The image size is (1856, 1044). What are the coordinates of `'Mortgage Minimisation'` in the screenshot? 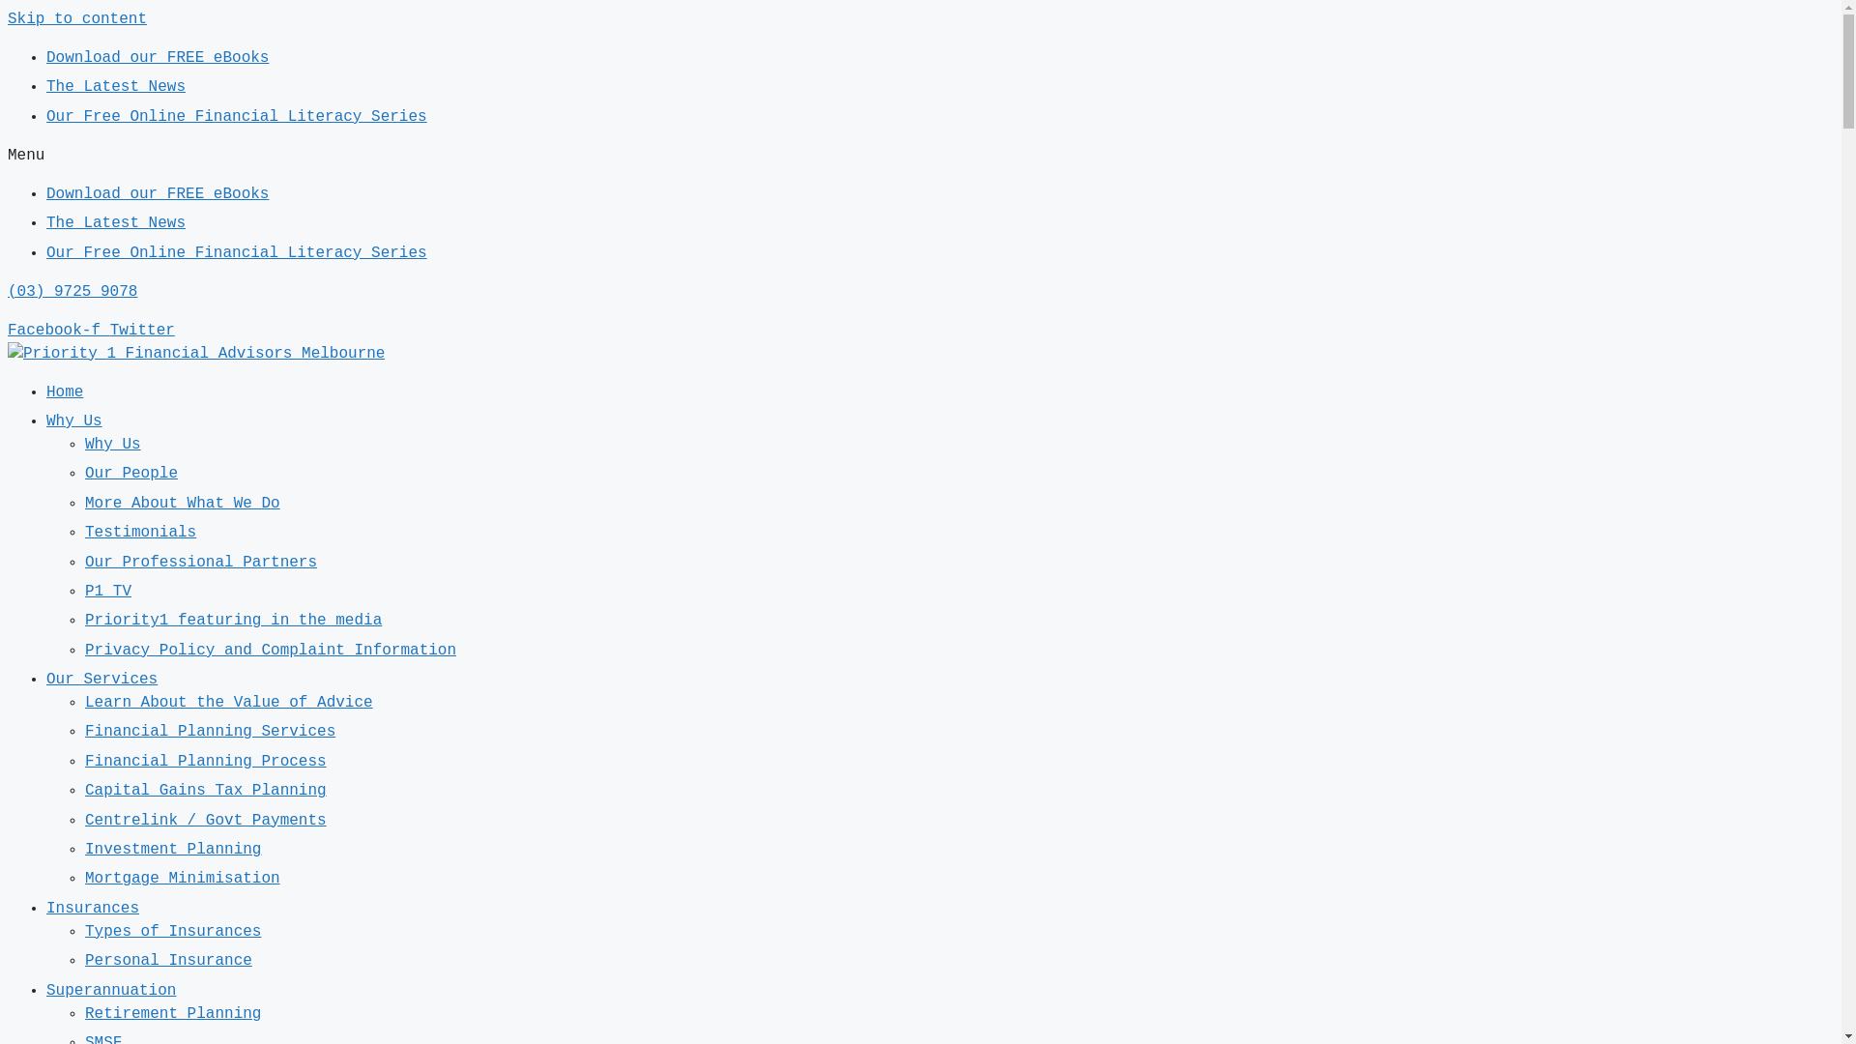 It's located at (182, 879).